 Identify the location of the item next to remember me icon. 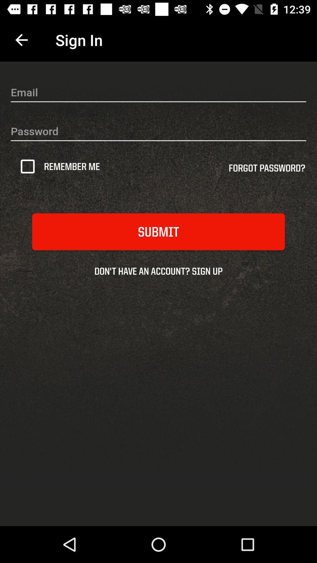
(267, 170).